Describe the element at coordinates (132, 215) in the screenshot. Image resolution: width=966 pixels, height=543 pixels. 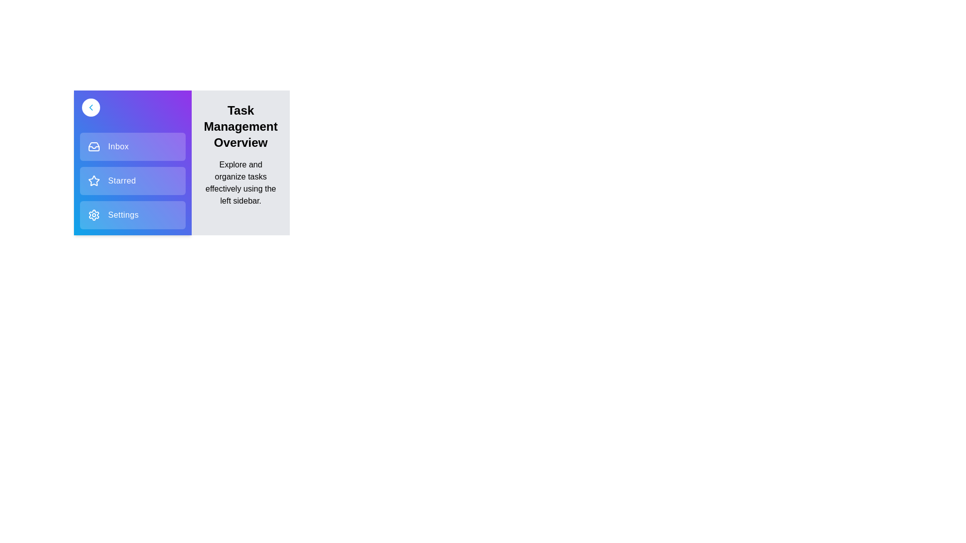
I see `the 'Settings' item in the sidebar to navigate to the settings page` at that location.